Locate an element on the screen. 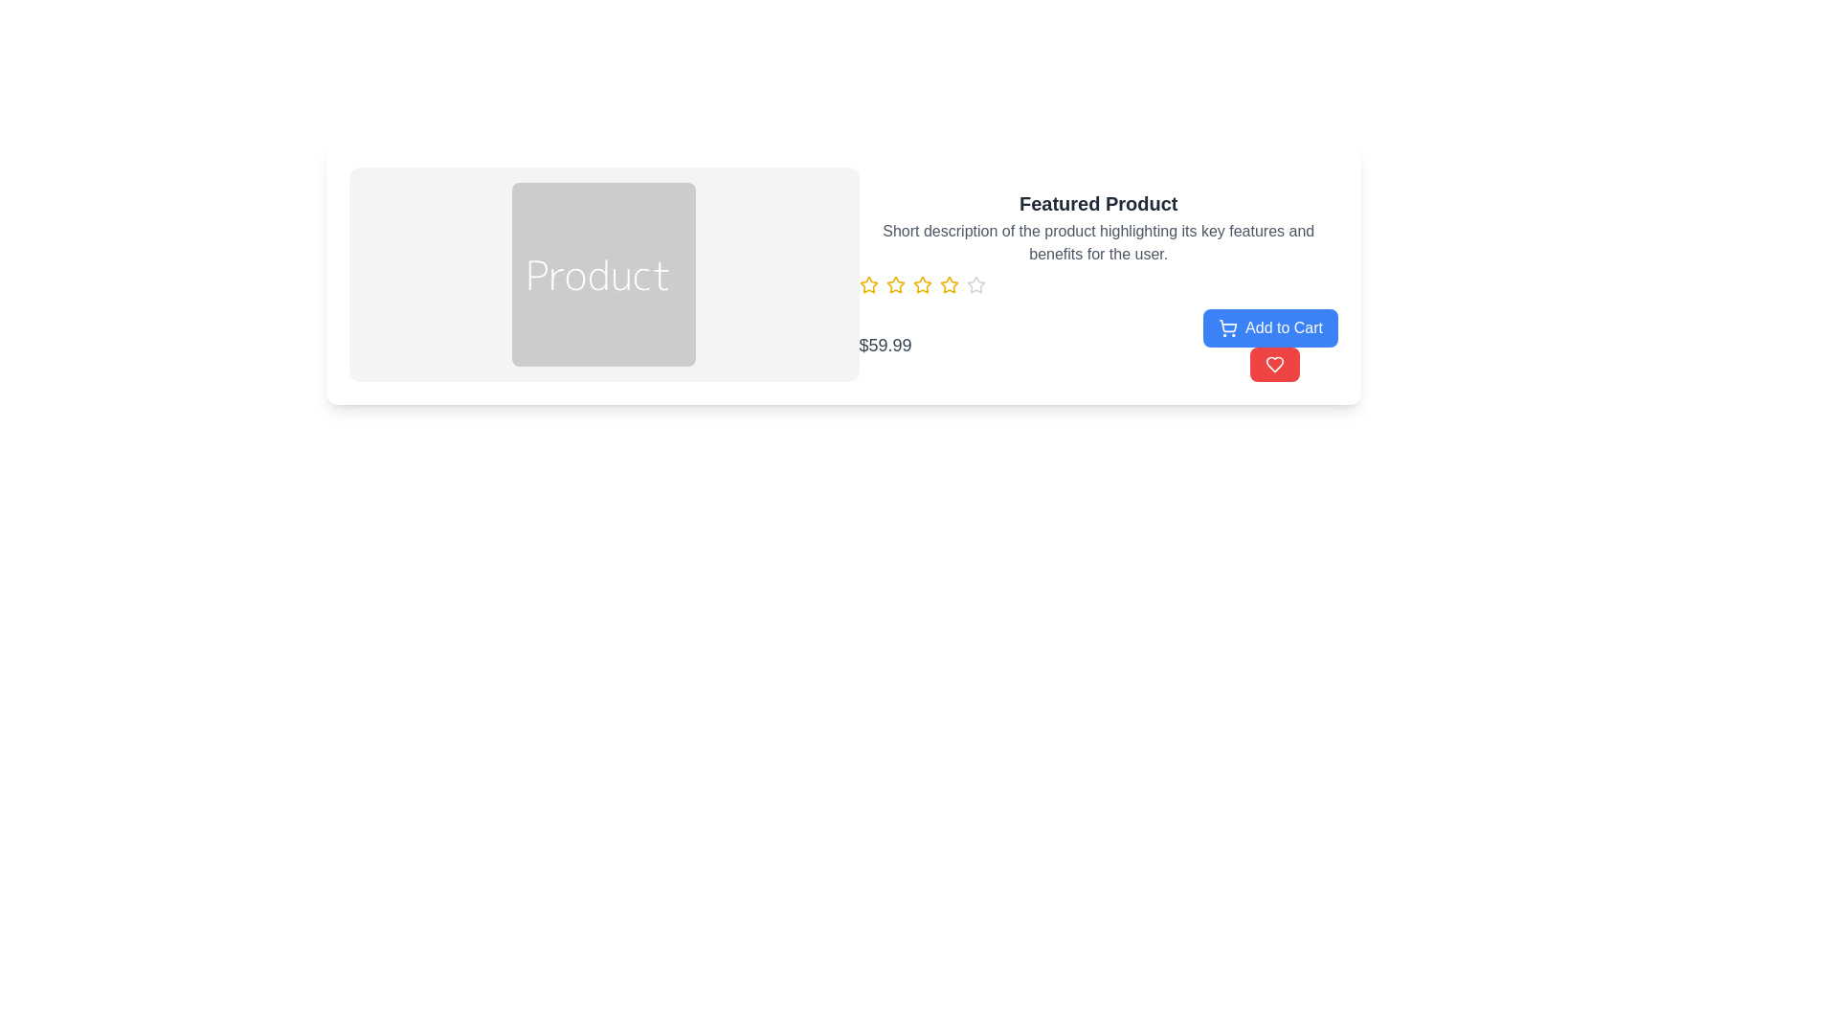 The width and height of the screenshot is (1838, 1034). the fourth yellow star icon in the rating row to adjust or view the rating is located at coordinates (922, 285).